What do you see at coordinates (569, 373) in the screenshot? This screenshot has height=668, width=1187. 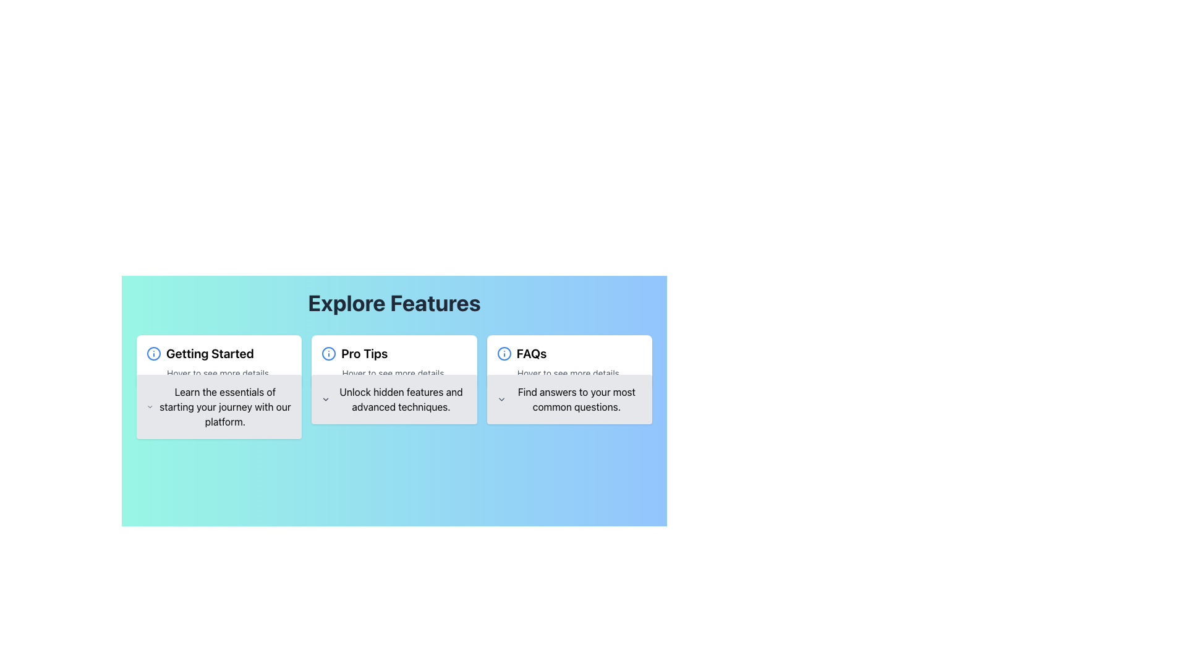 I see `text displayed in the 'FAQs' section, specifically the smaller gray text that says 'Hover to see more details', located directly below the title and icon` at bounding box center [569, 373].